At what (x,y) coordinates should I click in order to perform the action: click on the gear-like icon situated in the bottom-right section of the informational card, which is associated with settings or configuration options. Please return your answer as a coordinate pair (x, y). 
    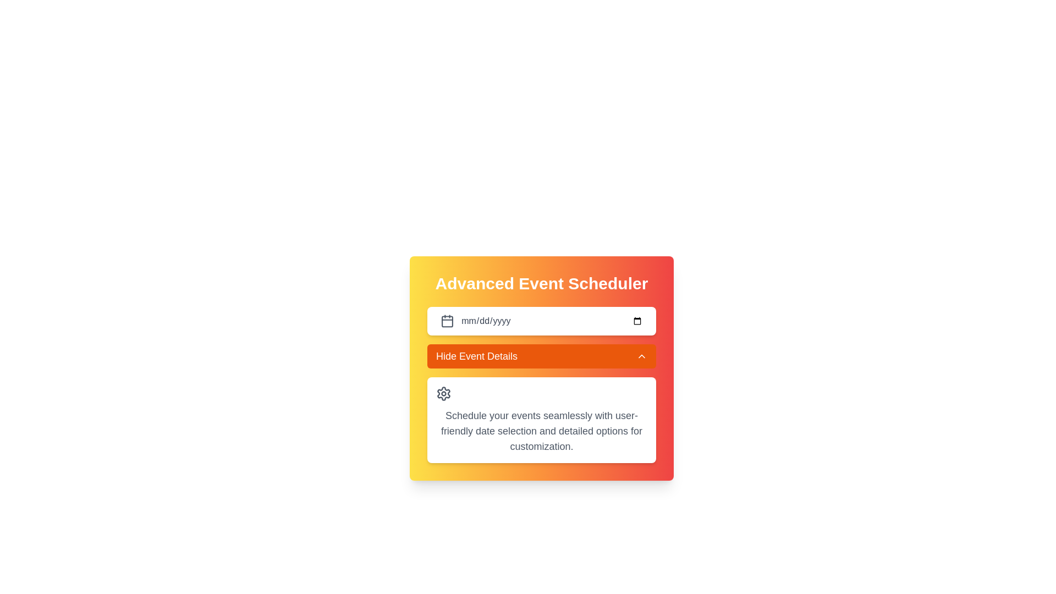
    Looking at the image, I should click on (443, 393).